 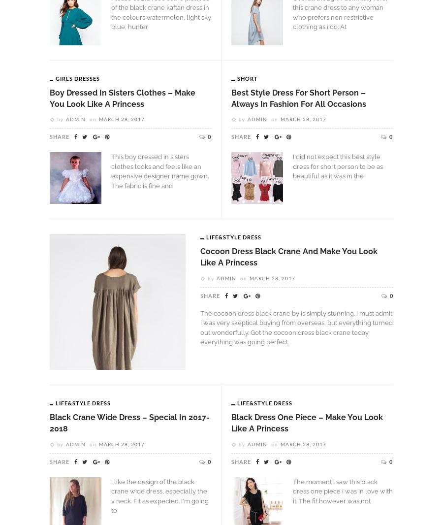 What do you see at coordinates (78, 77) in the screenshot?
I see `'Girls Dresses'` at bounding box center [78, 77].